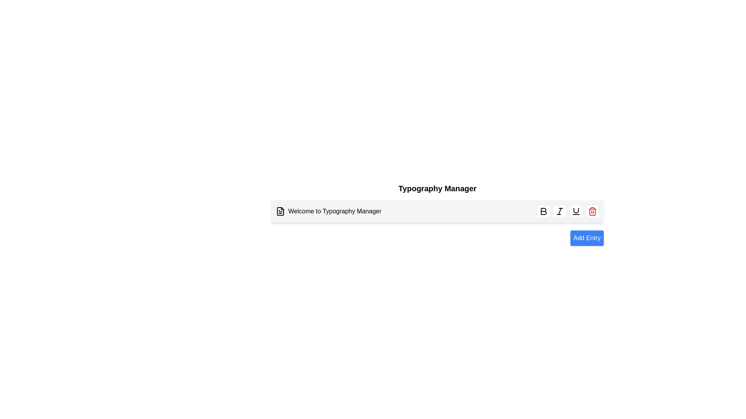  Describe the element at coordinates (592, 211) in the screenshot. I see `the delete button located as the last item in a horizontal row of interactive buttons` at that location.